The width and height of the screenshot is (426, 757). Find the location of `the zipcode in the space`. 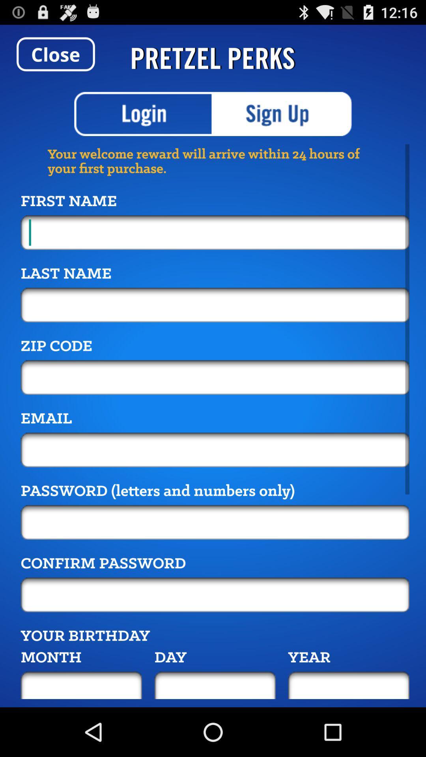

the zipcode in the space is located at coordinates (215, 377).